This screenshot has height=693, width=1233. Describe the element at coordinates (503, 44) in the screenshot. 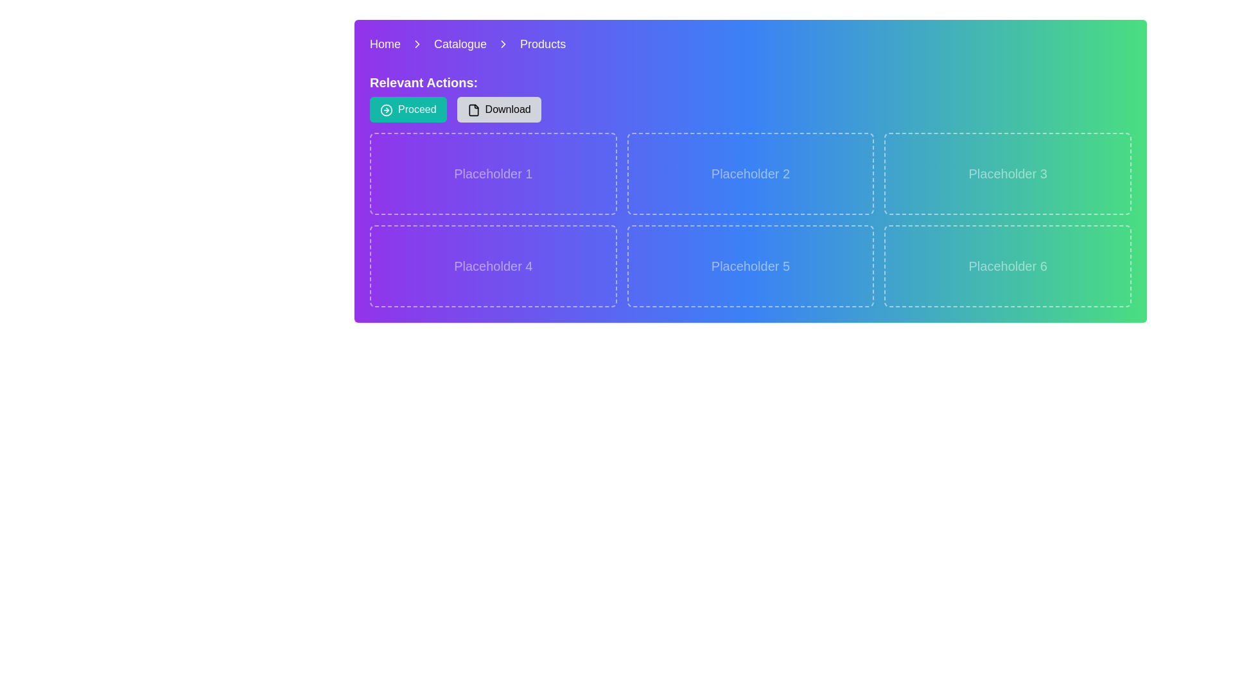

I see `the chevron icon in the breadcrumb navigation bar that separates 'Catalogue' and 'Products'` at that location.